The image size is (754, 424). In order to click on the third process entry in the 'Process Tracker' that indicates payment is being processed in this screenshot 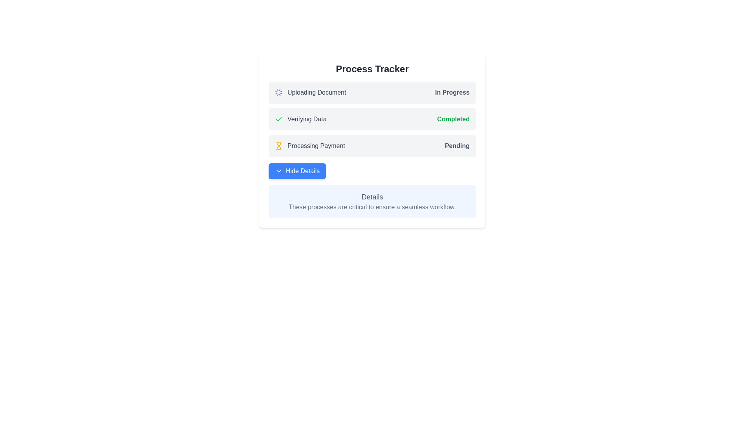, I will do `click(316, 146)`.